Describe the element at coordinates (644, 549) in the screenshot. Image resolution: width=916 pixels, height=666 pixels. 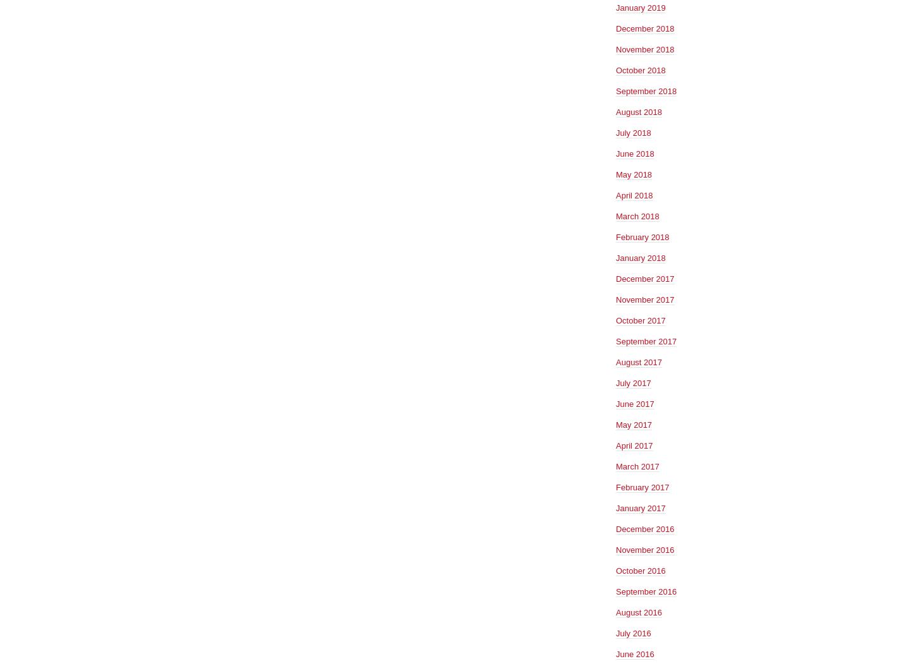
I see `'November 2016'` at that location.